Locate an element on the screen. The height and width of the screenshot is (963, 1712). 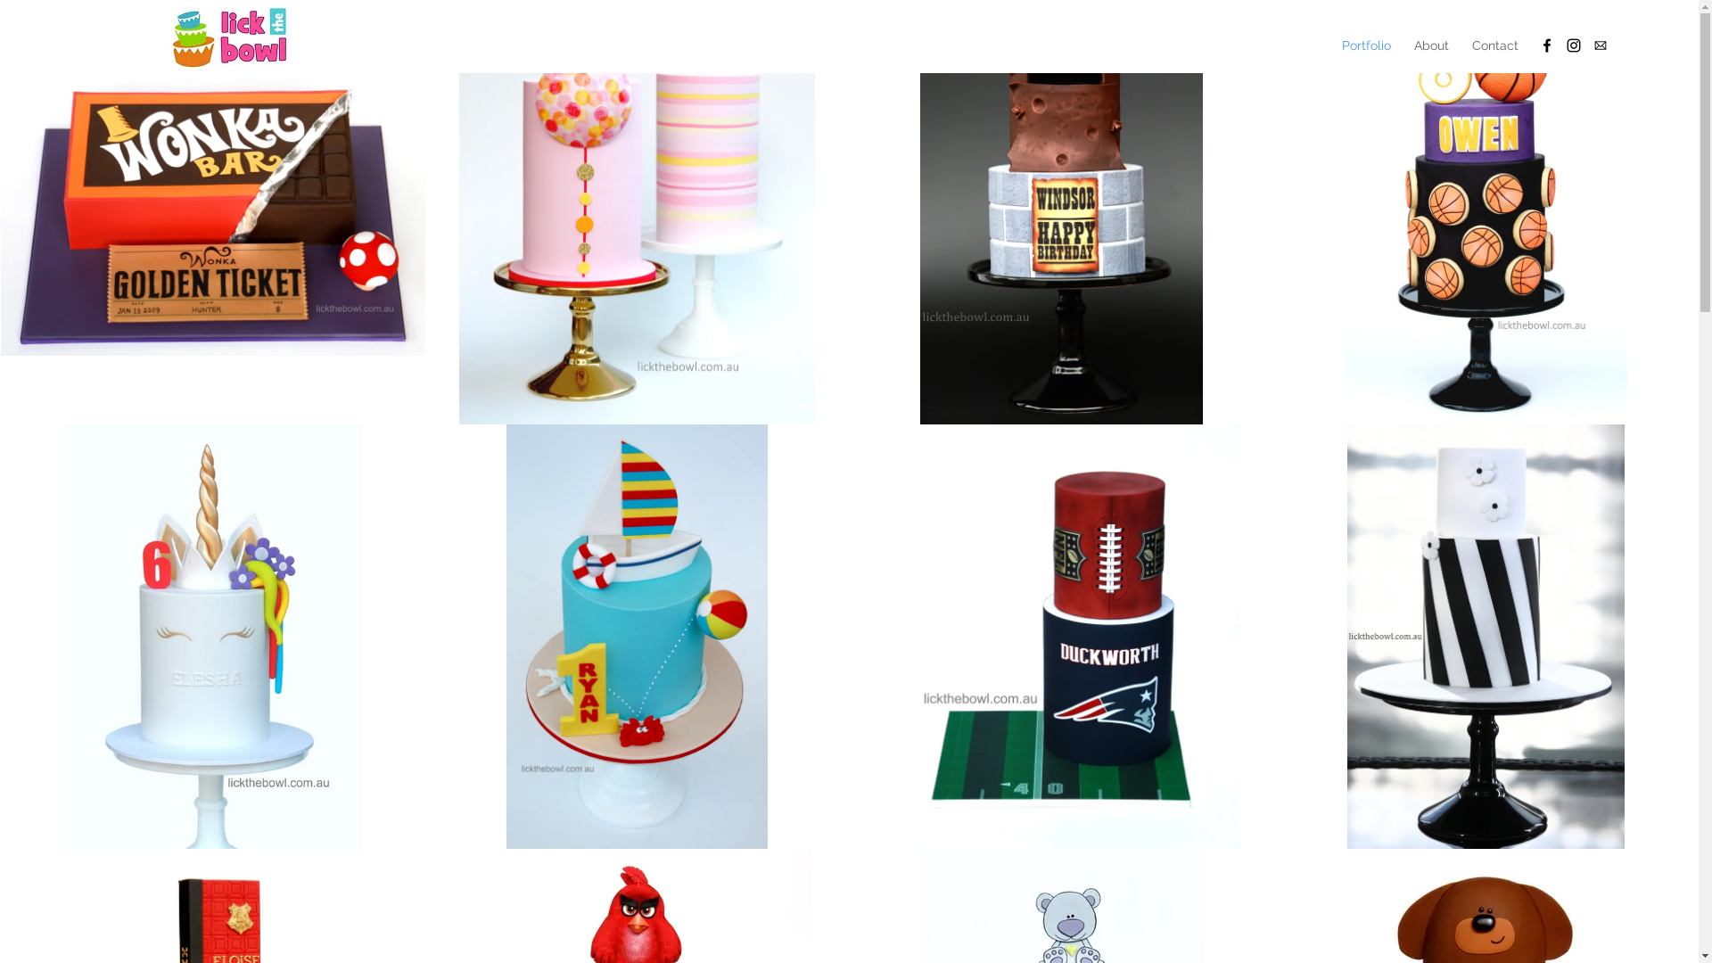
'About' is located at coordinates (1431, 44).